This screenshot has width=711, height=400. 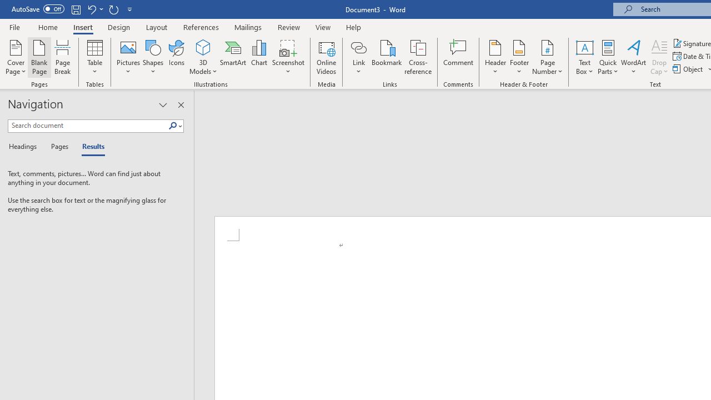 What do you see at coordinates (128, 57) in the screenshot?
I see `'Pictures'` at bounding box center [128, 57].